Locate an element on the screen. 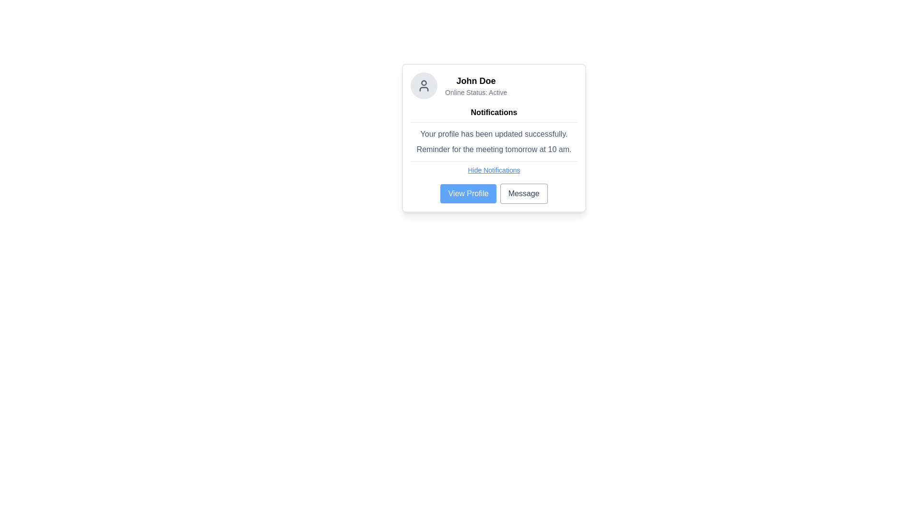 The image size is (921, 518). the static text heading displaying 'Notifications' which is styled in bold and positioned under the user status details is located at coordinates (494, 112).